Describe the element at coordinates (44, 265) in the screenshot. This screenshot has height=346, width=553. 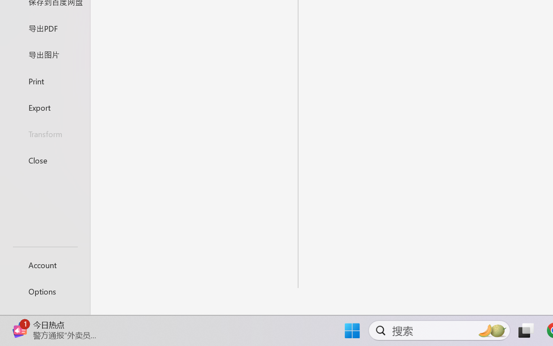
I see `'Account'` at that location.